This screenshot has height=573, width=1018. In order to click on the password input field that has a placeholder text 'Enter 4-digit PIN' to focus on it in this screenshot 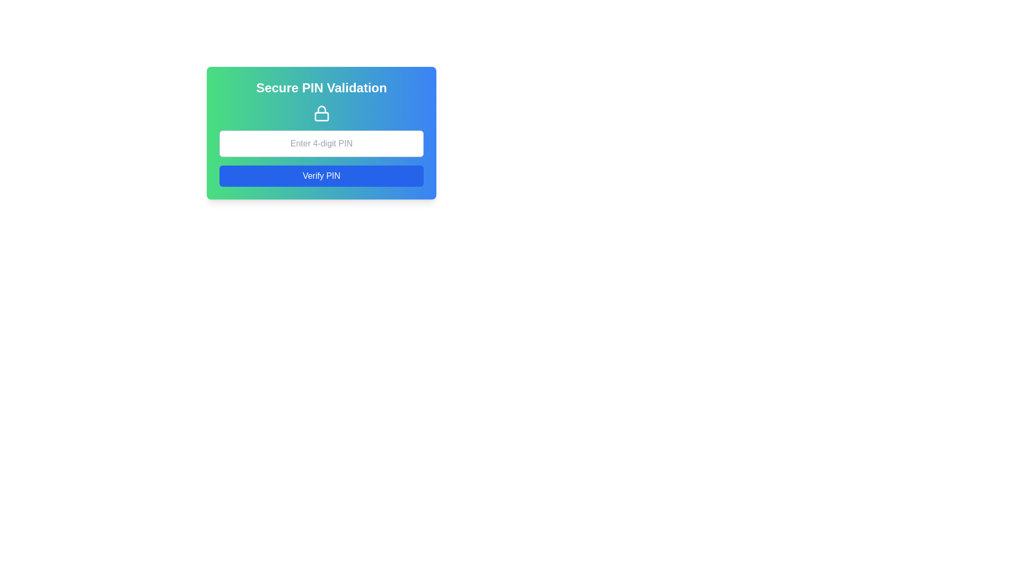, I will do `click(321, 143)`.